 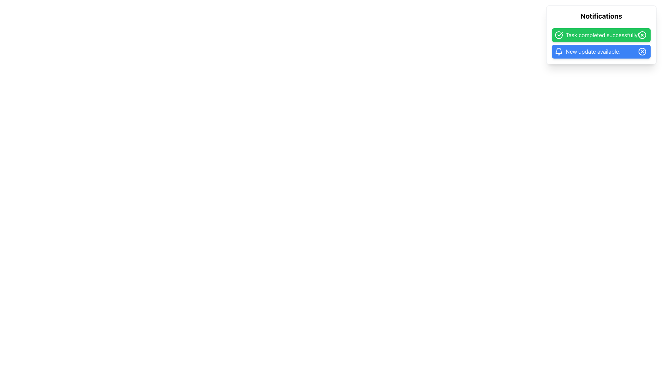 What do you see at coordinates (601, 35) in the screenshot?
I see `the close button on the topmost Notification Bar` at bounding box center [601, 35].